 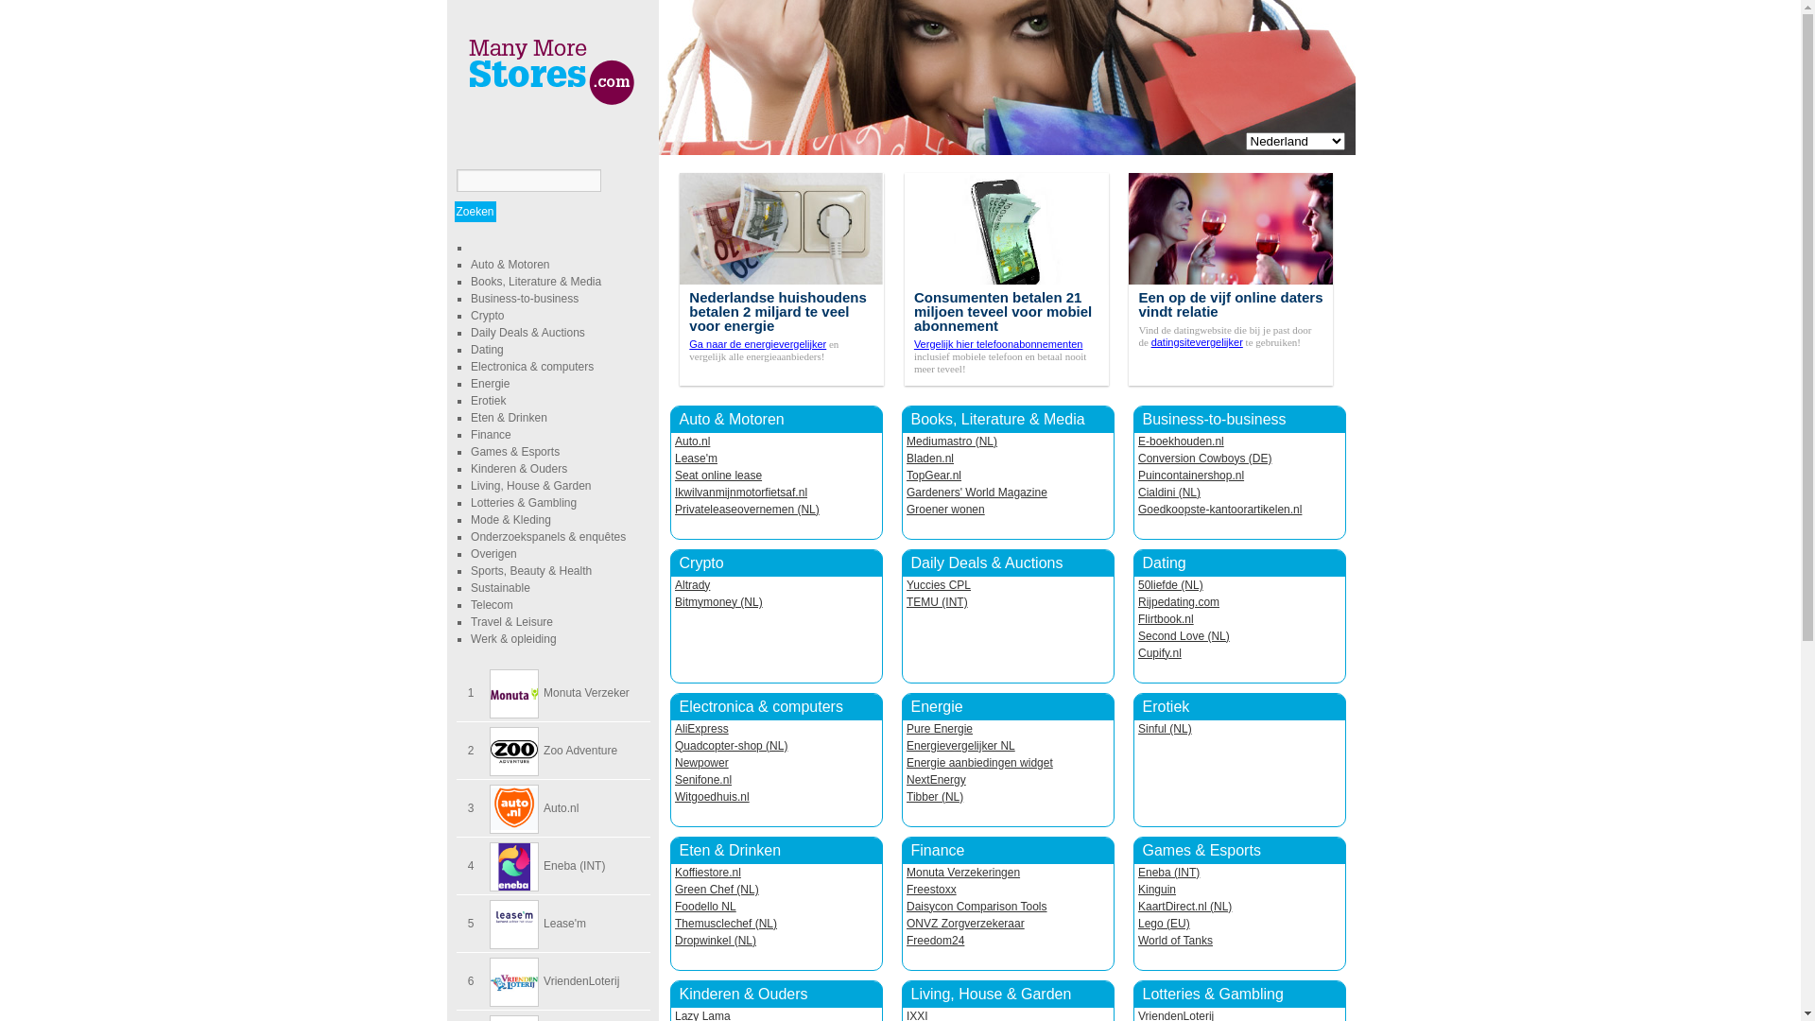 What do you see at coordinates (700, 761) in the screenshot?
I see `'Newpower'` at bounding box center [700, 761].